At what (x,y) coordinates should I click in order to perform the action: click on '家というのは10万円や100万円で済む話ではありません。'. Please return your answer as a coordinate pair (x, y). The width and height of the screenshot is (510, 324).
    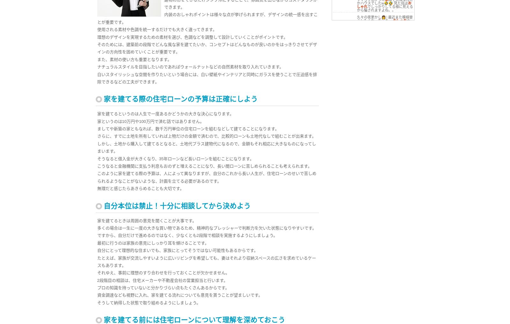
    Looking at the image, I should click on (150, 121).